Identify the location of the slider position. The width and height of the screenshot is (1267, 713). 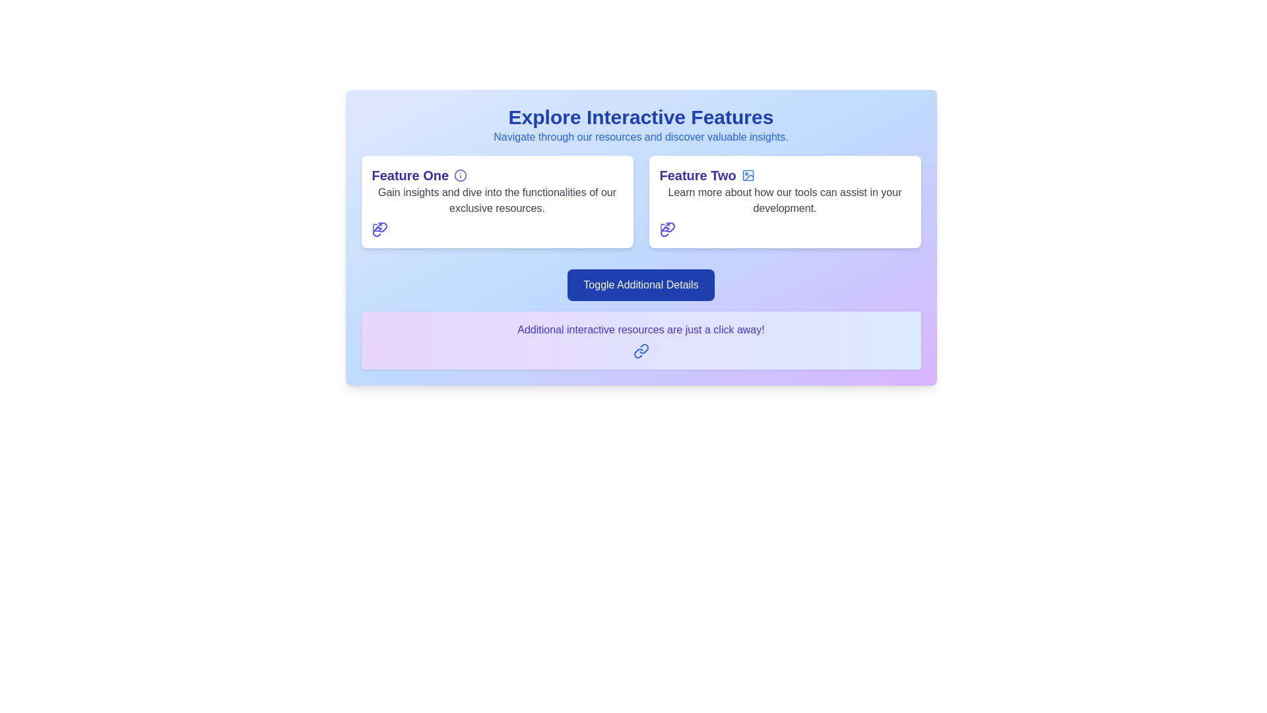
(383, 269).